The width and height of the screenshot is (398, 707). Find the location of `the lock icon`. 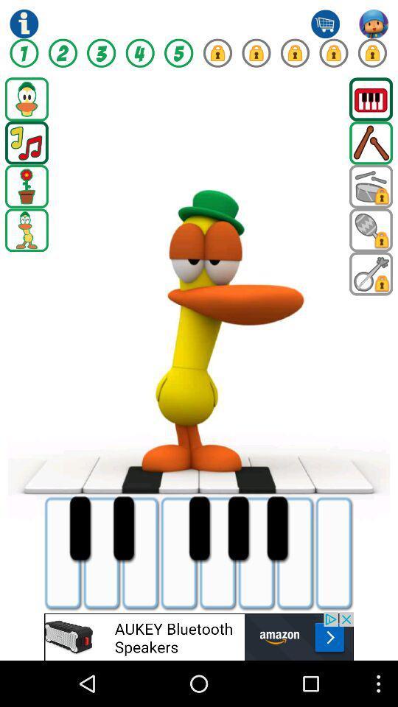

the lock icon is located at coordinates (217, 57).